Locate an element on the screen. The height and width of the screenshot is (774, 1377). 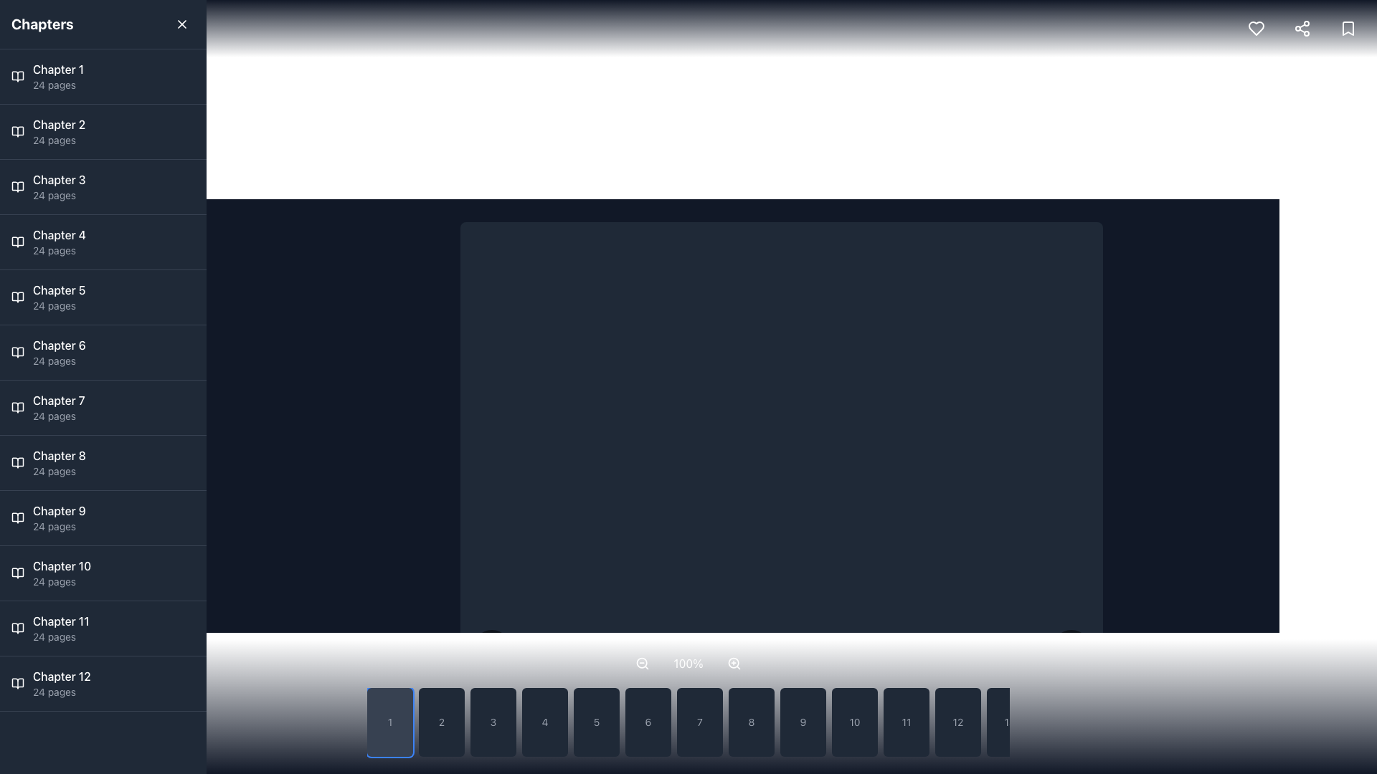
the heart-shaped icon located at the top-right corner of the user interface, which represents liking or favoriting an item is located at coordinates (1256, 28).